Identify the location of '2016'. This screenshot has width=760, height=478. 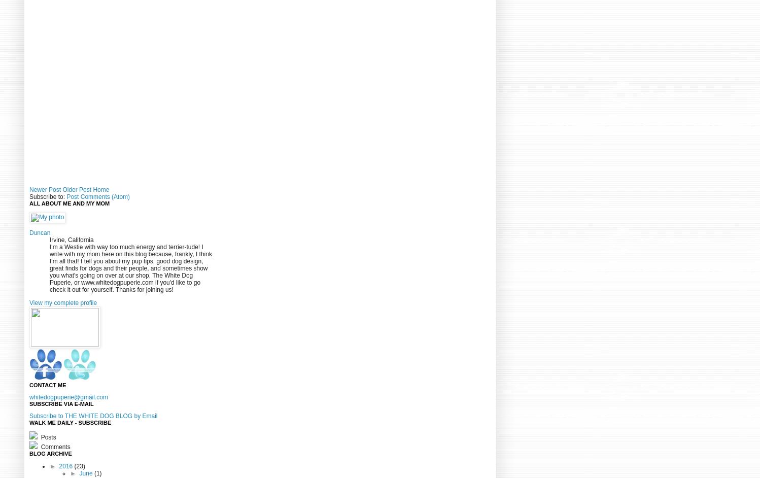
(58, 466).